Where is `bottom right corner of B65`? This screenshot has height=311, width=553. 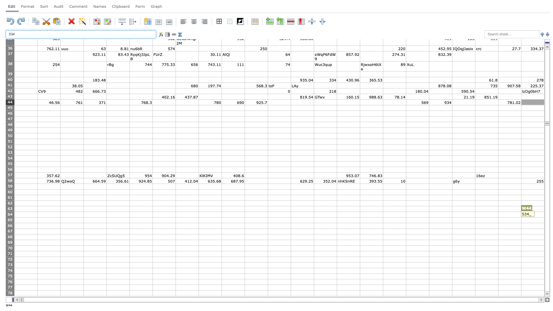
bottom right corner of B65 is located at coordinates (60, 223).